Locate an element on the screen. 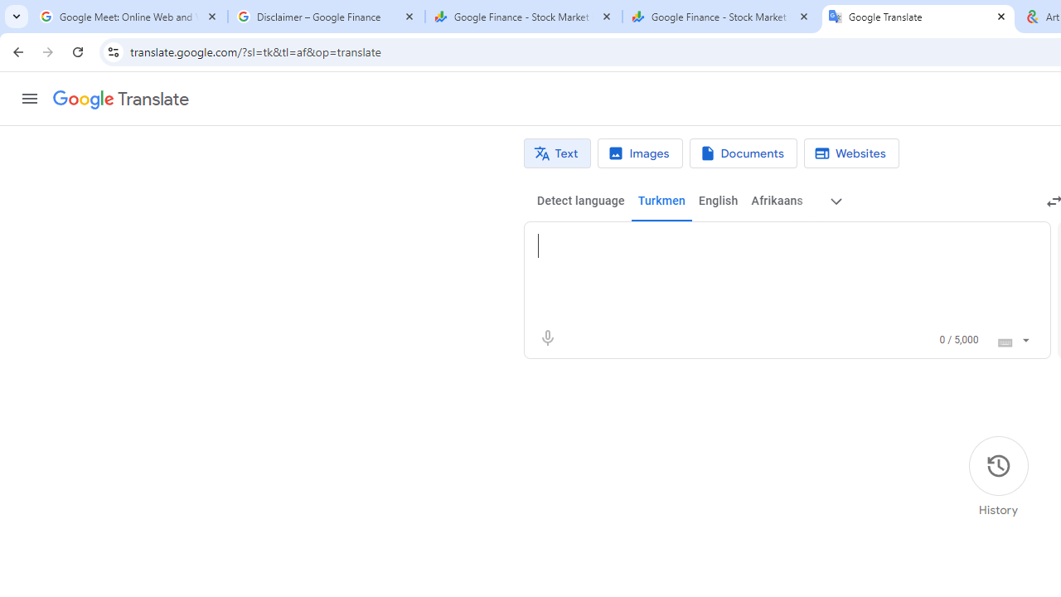 This screenshot has width=1061, height=597. 'Show the Input Tools menu' is located at coordinates (1025, 337).